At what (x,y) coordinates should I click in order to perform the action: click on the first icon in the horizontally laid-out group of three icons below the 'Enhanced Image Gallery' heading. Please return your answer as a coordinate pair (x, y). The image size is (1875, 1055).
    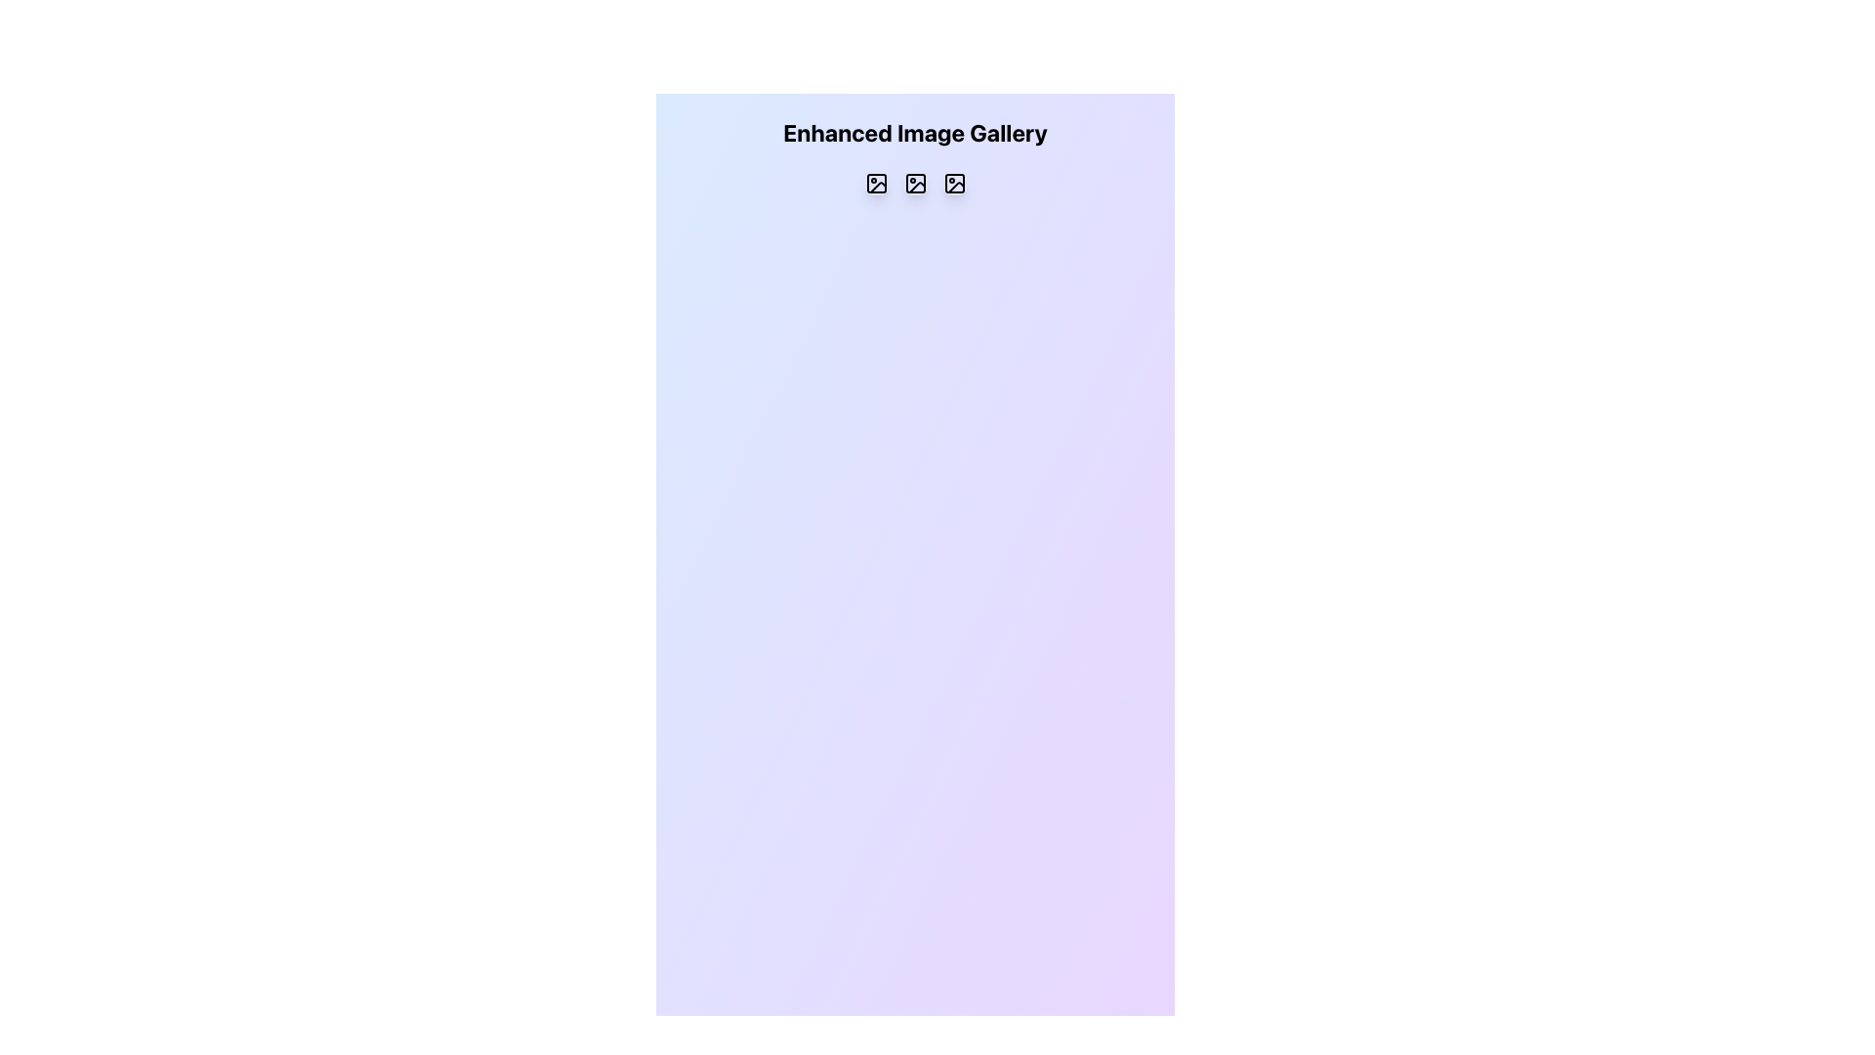
    Looking at the image, I should click on (875, 184).